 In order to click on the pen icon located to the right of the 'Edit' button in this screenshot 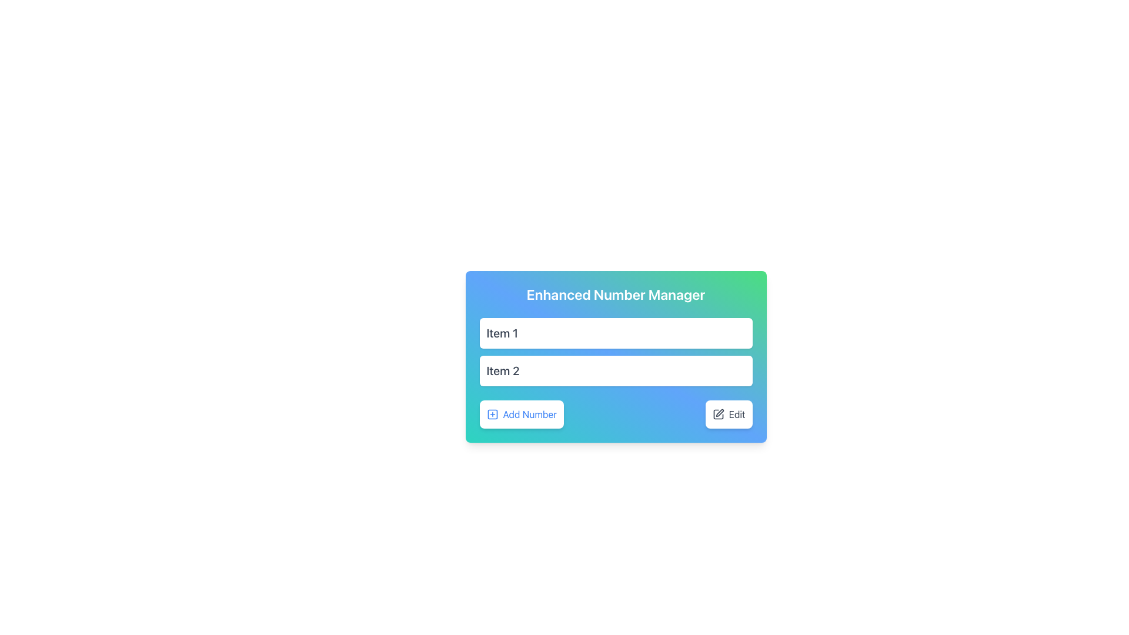, I will do `click(717, 414)`.